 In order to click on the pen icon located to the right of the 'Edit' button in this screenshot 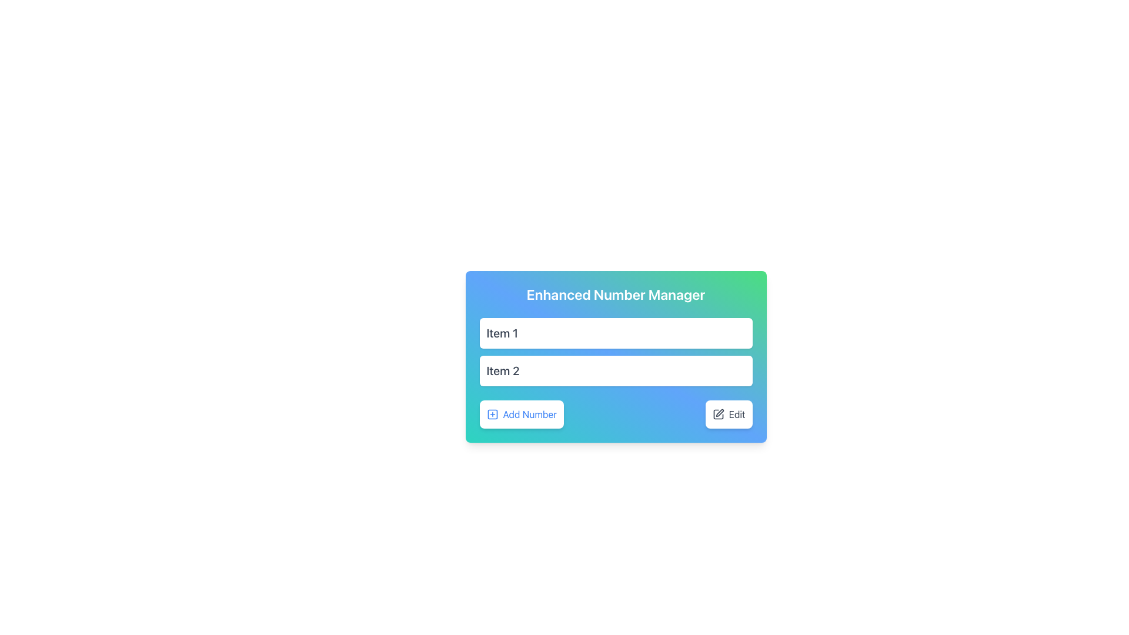, I will do `click(717, 414)`.